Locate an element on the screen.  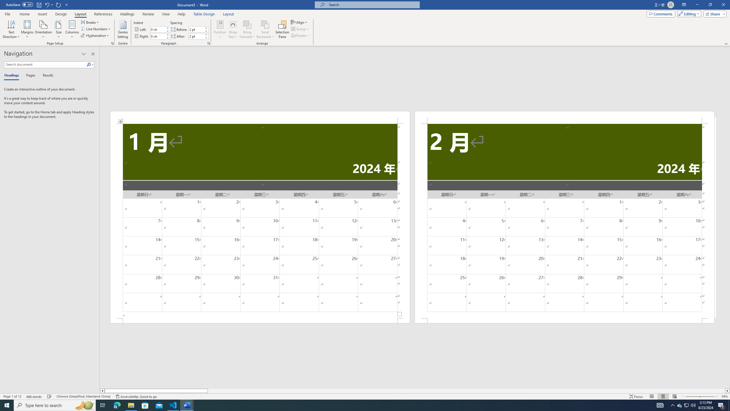
'Page 1 content' is located at coordinates (260, 221).